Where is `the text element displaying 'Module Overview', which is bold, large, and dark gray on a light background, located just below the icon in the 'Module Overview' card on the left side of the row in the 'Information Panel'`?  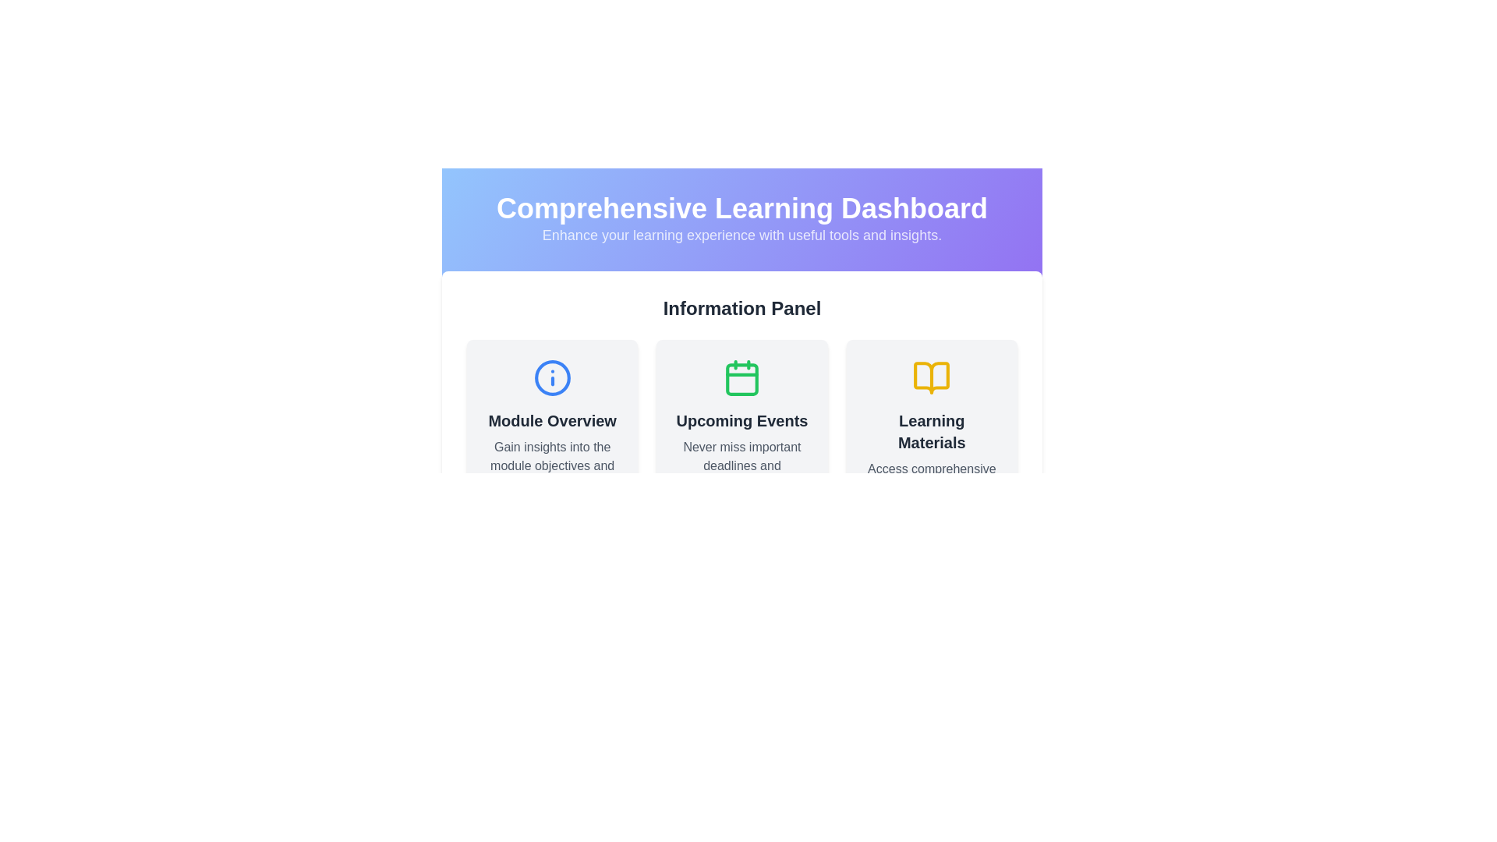 the text element displaying 'Module Overview', which is bold, large, and dark gray on a light background, located just below the icon in the 'Module Overview' card on the left side of the row in the 'Information Panel' is located at coordinates (552, 421).